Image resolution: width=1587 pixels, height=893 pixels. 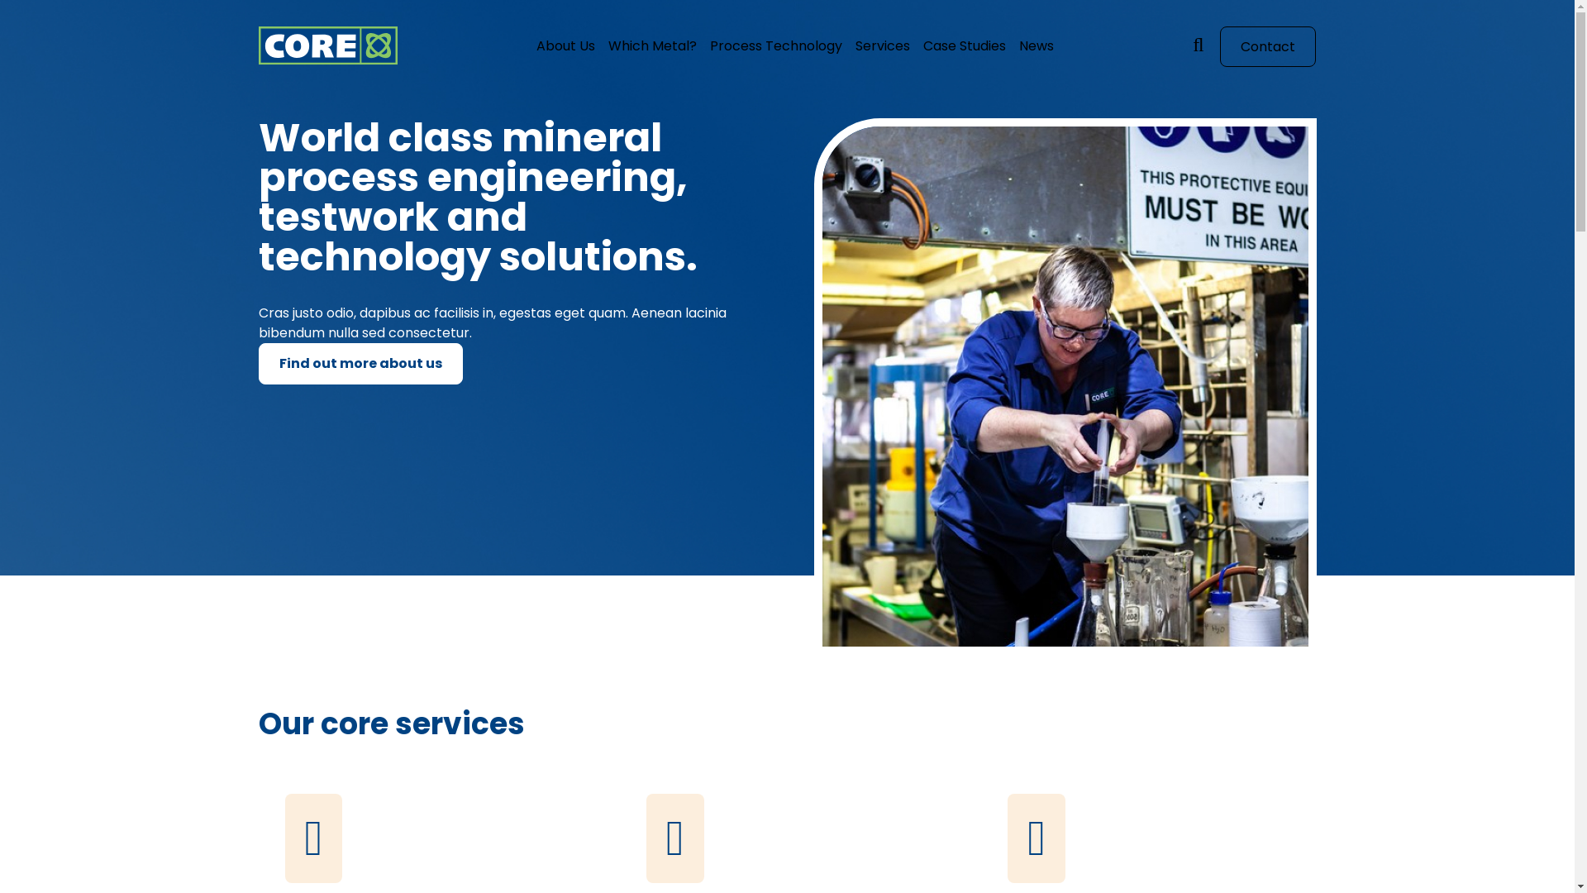 I want to click on 'About Us', so click(x=536, y=45).